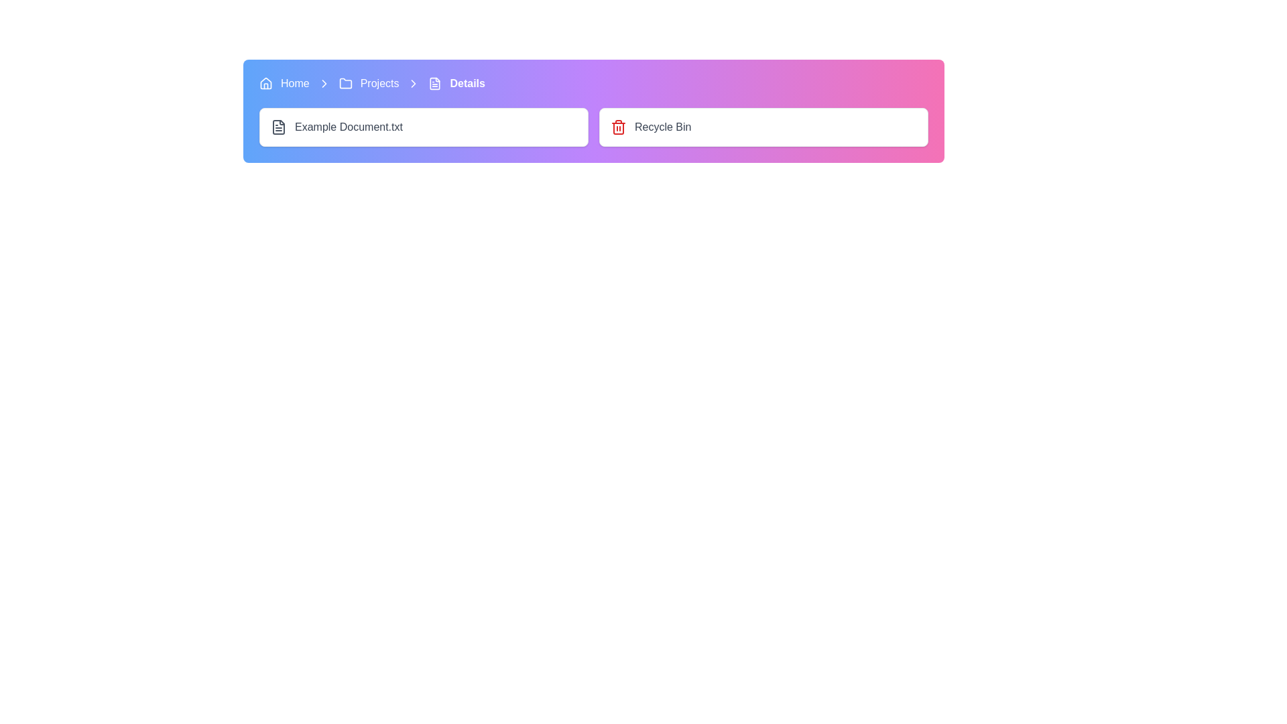 The image size is (1287, 724). Describe the element at coordinates (278, 127) in the screenshot. I see `the SVG icon representing a file or document located immediately before the text label 'Example Document.txt' to initiate a file-related action` at that location.